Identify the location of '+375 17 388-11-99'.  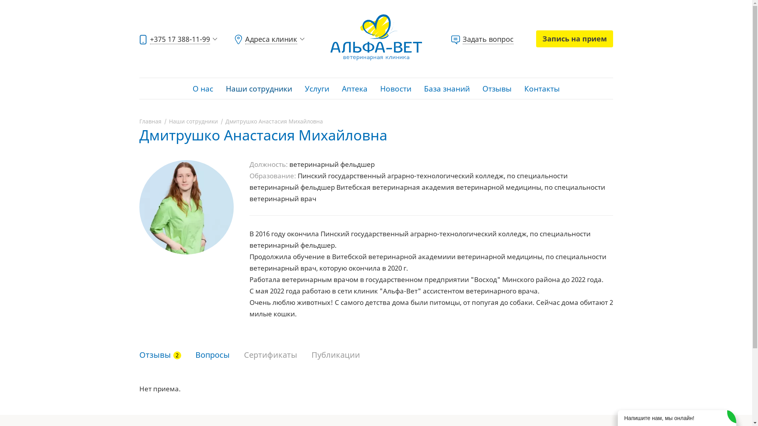
(178, 39).